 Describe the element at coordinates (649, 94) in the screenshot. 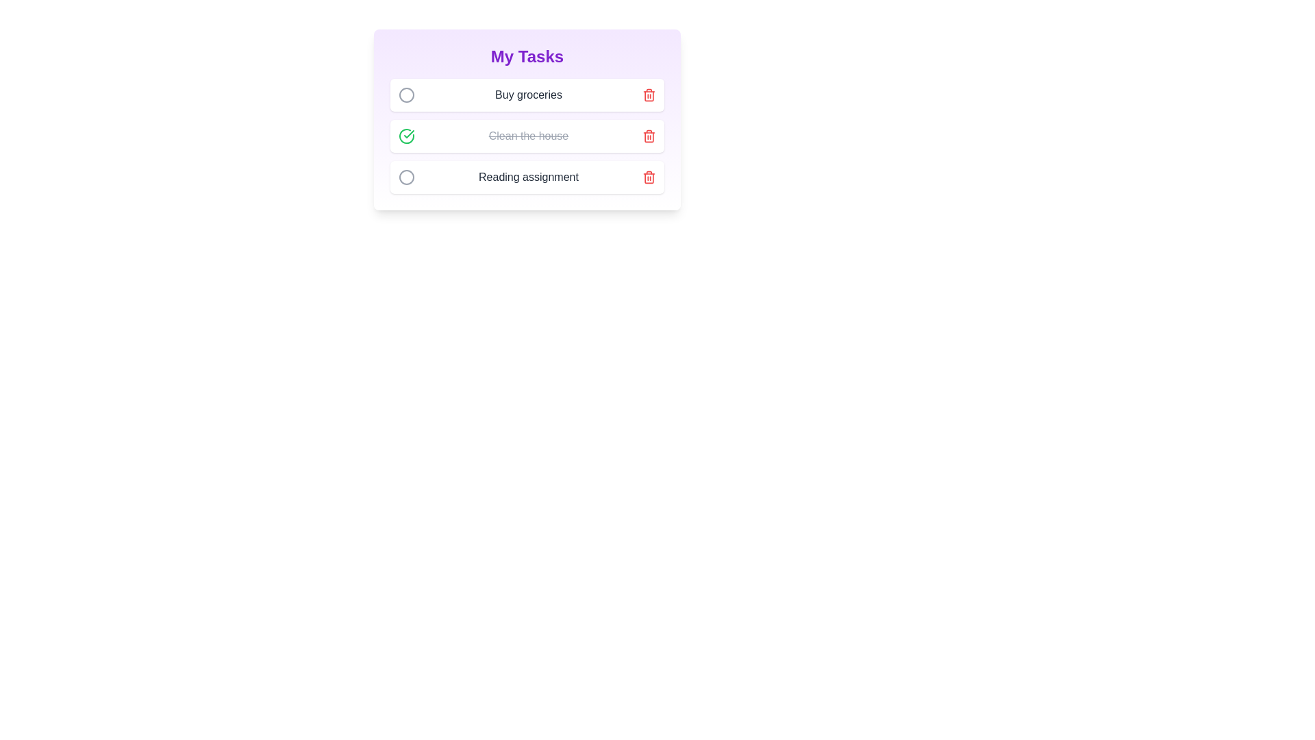

I see `the delete button for the task titled 'Buy groceries' to remove it from the list` at that location.